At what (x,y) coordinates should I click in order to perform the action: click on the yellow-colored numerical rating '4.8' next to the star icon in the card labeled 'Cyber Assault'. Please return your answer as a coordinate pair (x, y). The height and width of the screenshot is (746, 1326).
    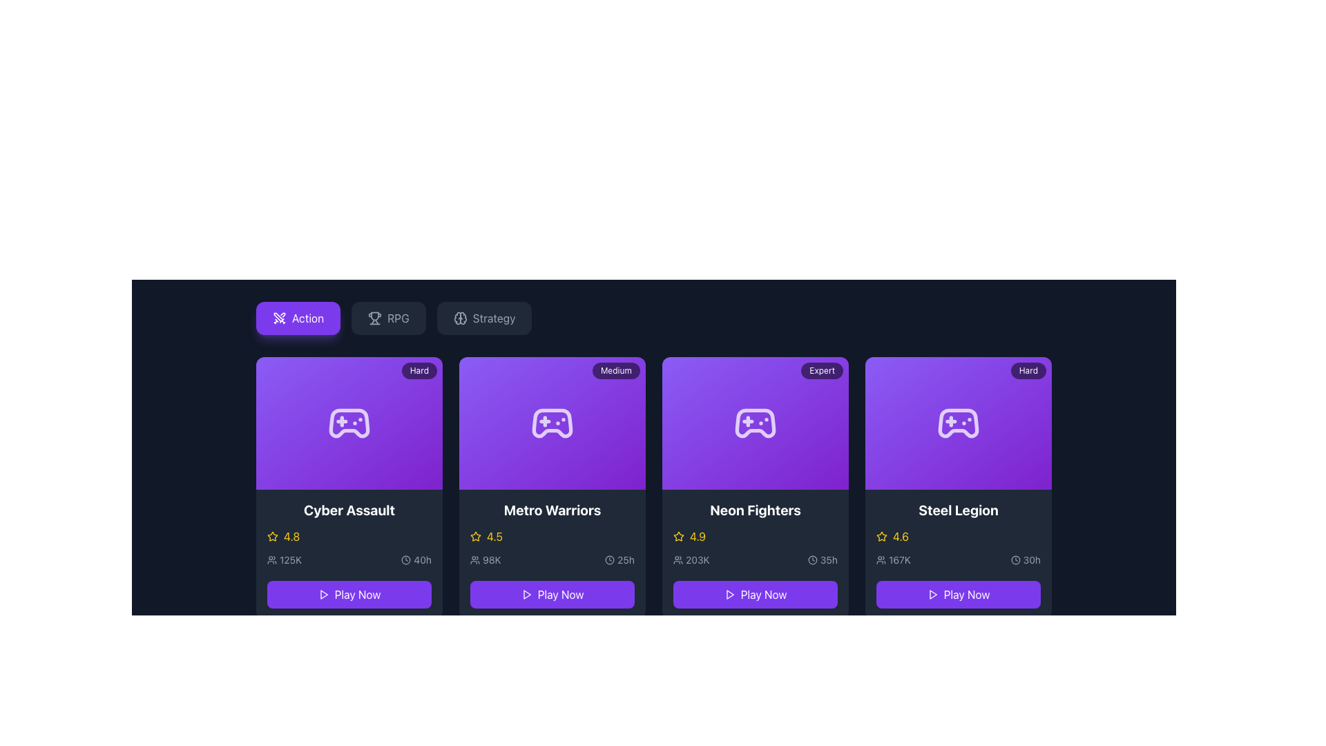
    Looking at the image, I should click on (291, 535).